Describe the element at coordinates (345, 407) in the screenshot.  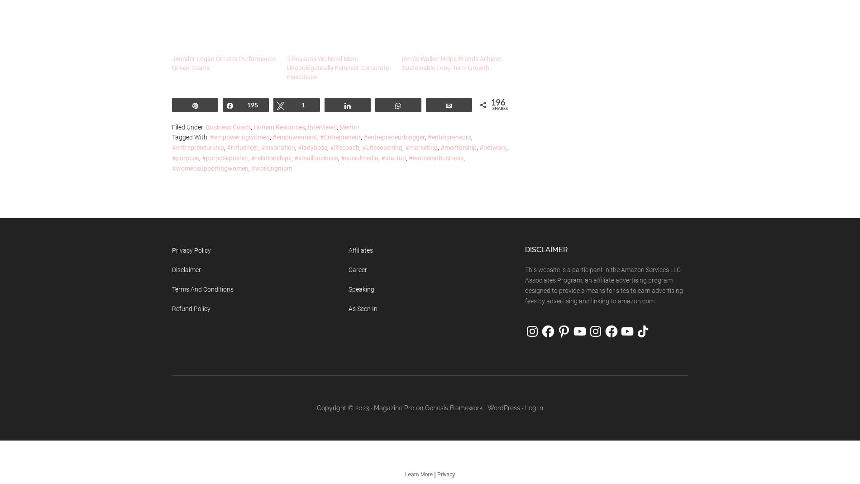
I see `'Copyright © 2023 ·'` at that location.